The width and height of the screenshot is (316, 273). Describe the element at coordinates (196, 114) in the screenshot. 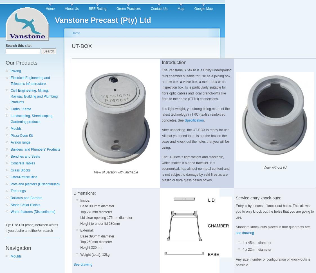

I see `'It is light-weight, yet strong being made of the latest technology in TRC (textile reinforced concrete). See'` at that location.